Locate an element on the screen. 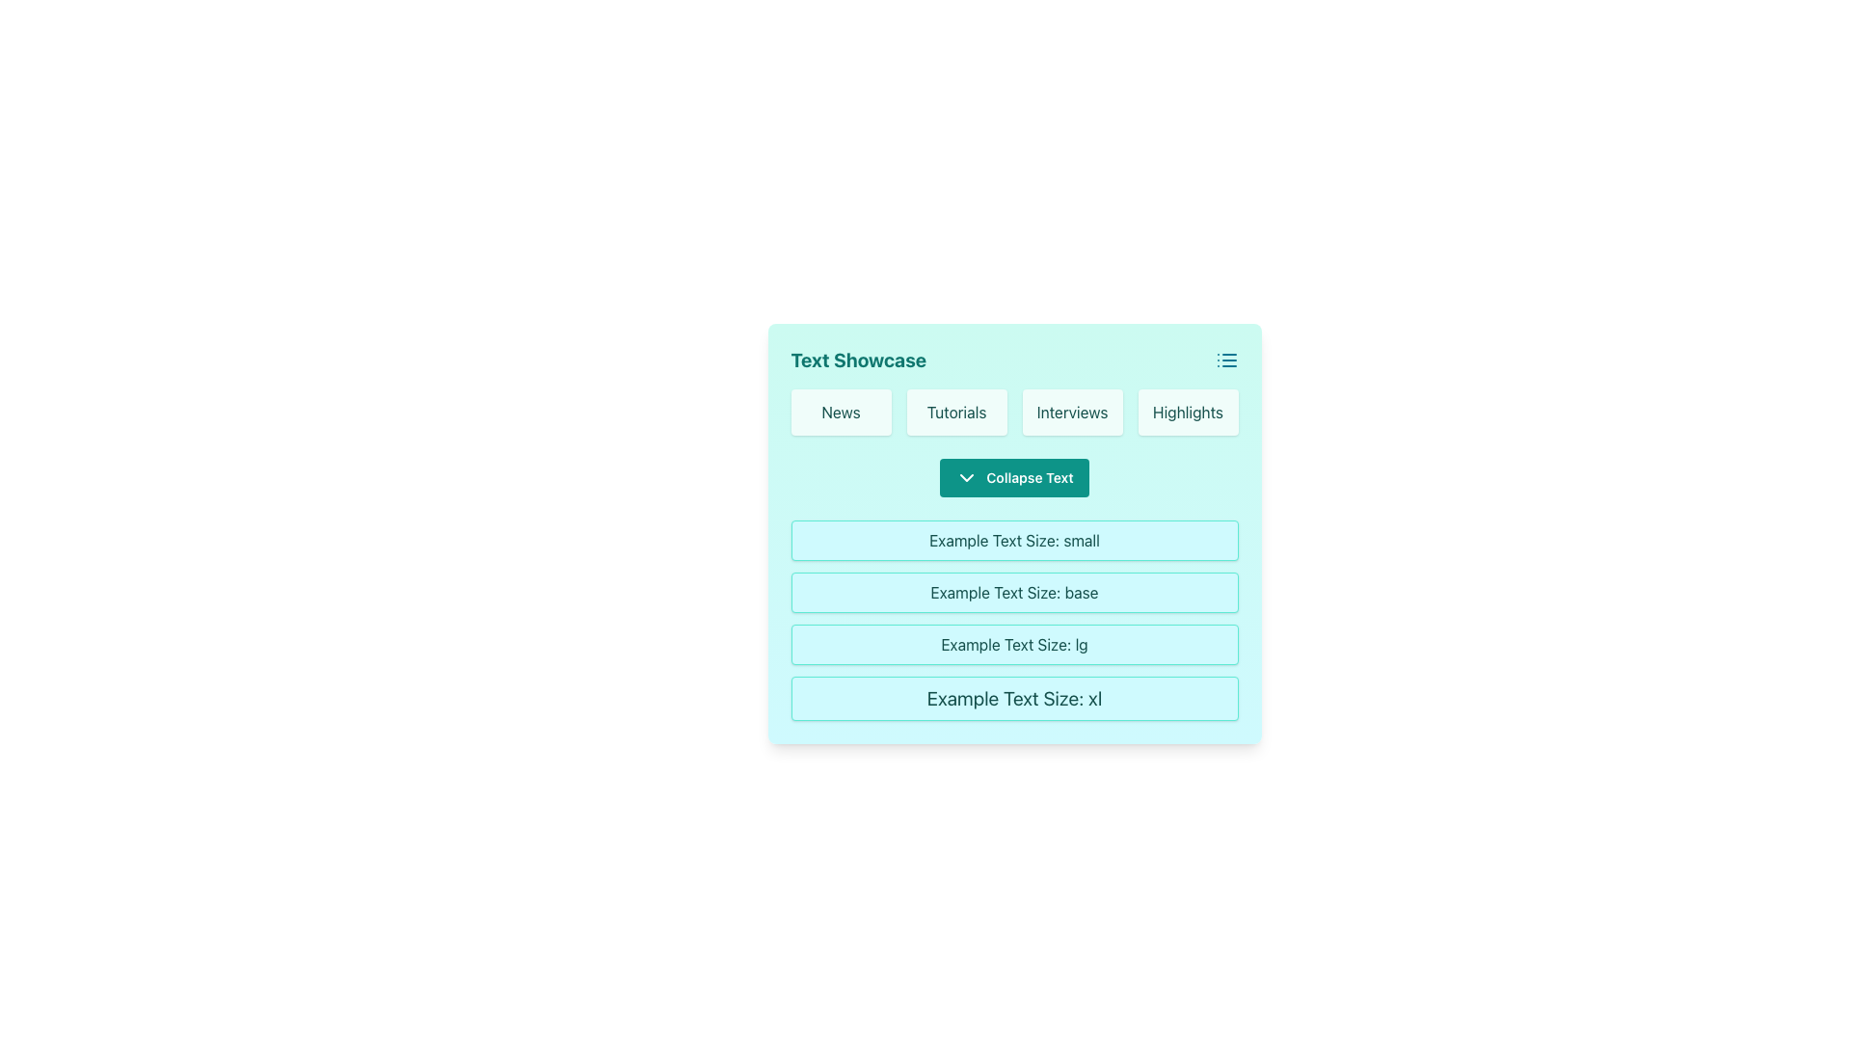 The height and width of the screenshot is (1041, 1851). the 'News' button, which is a light teal rounded rectangular button with darker teal text, located below the 'Text Showcase' heading is located at coordinates (841, 412).